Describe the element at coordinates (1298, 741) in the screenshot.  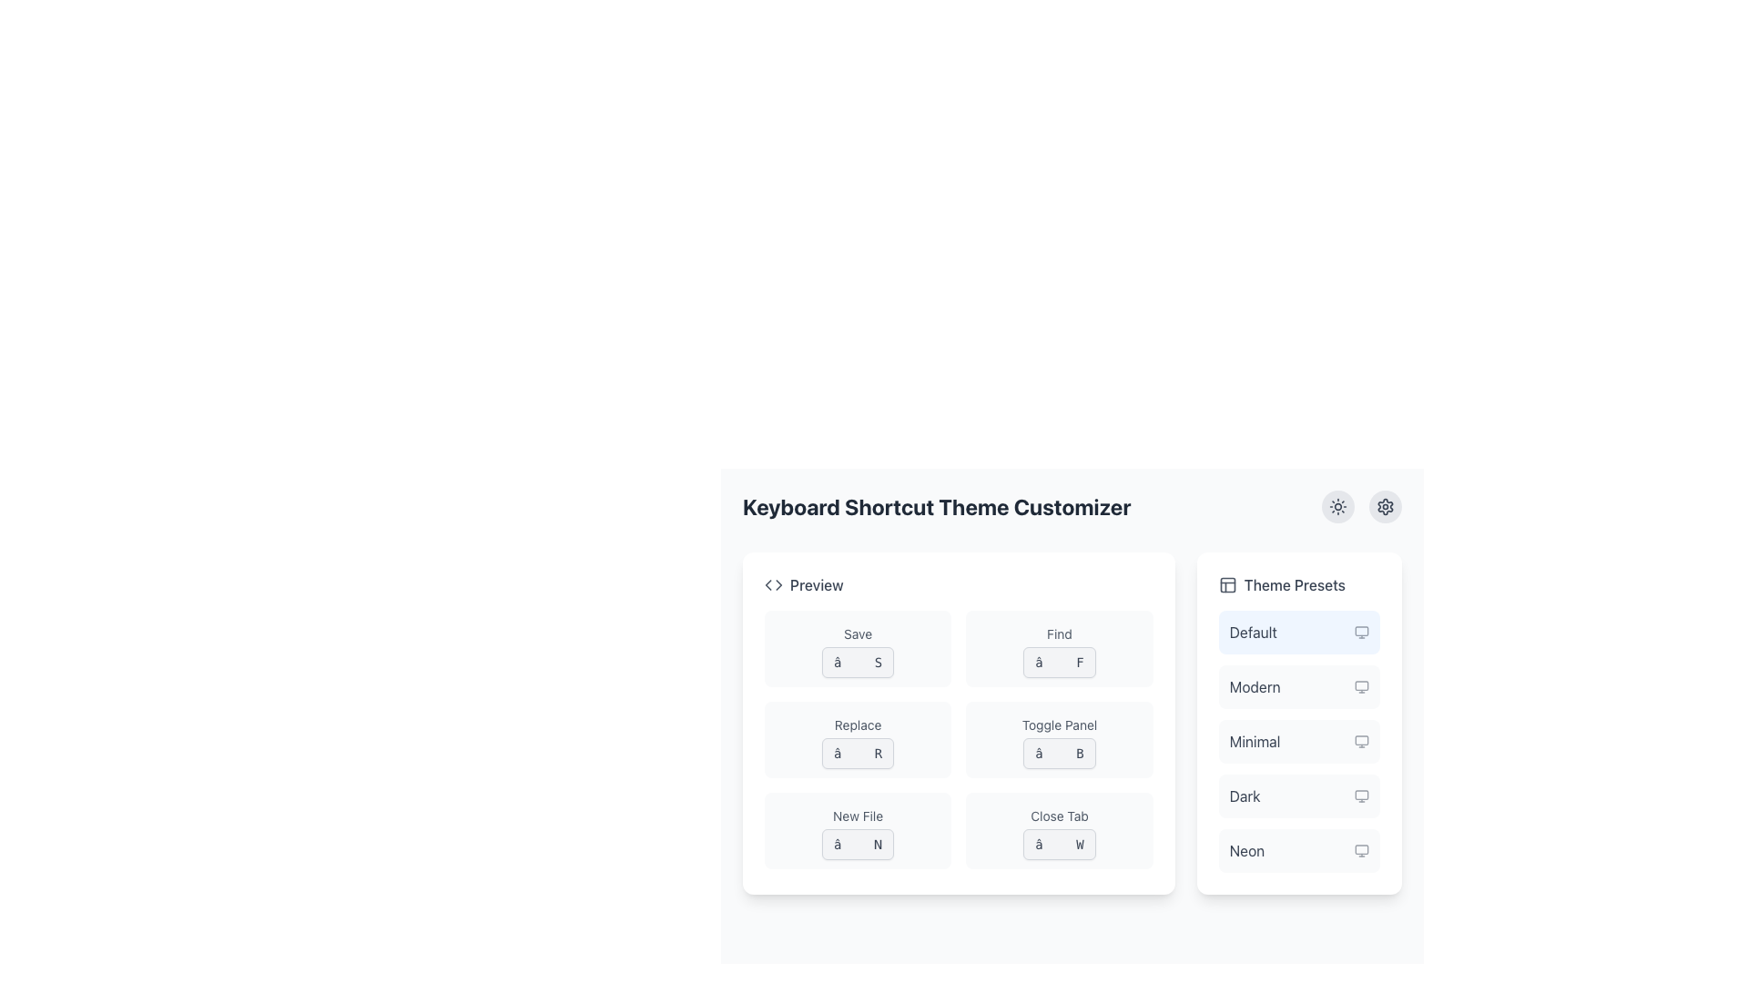
I see `the 'Minimal' theme option button in the Theme Presets panel` at that location.